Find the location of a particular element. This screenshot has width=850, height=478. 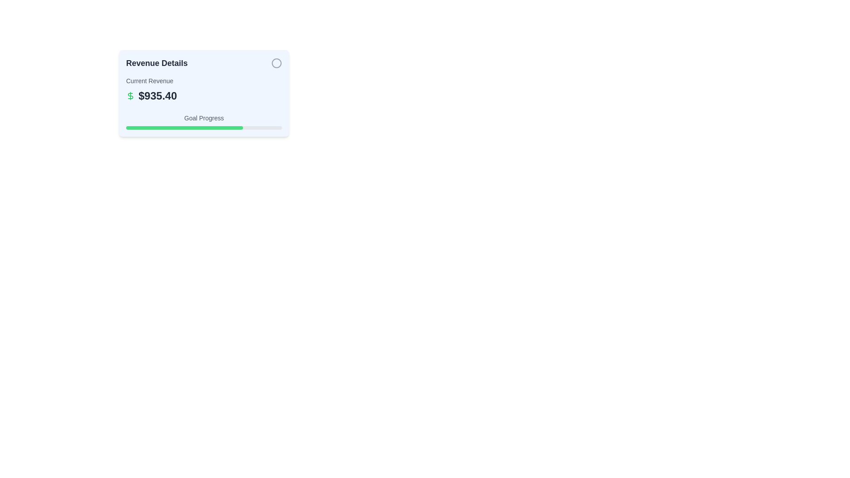

small circular SVG graphic element with a 10-unit radius located in the top-right corner of the 'Revenue Details' card for debugging purposes is located at coordinates (276, 62).